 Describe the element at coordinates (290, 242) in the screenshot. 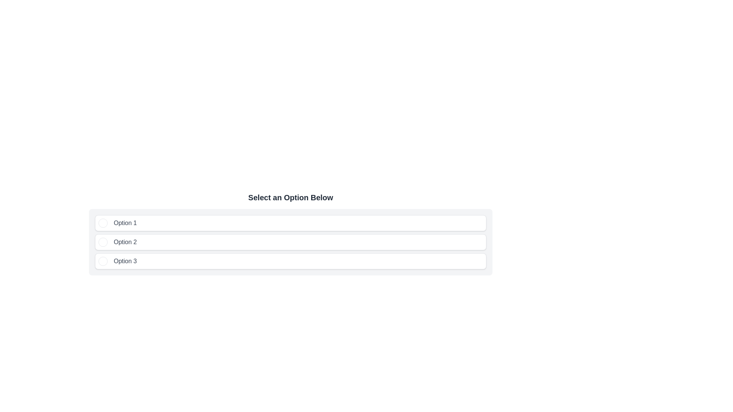

I see `the radio button labeled 'Option 2'` at that location.